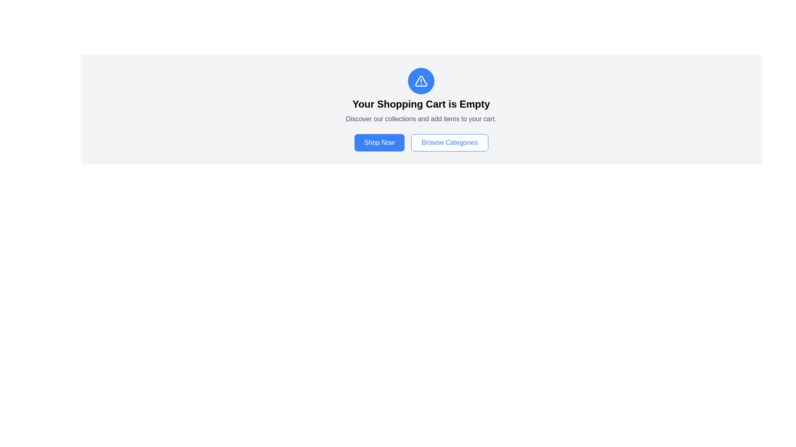 The height and width of the screenshot is (447, 796). What do you see at coordinates (379, 142) in the screenshot?
I see `the 'Shop Now' button using tab navigation` at bounding box center [379, 142].